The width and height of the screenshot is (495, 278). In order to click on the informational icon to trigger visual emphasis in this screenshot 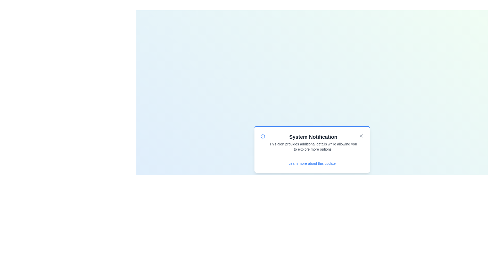, I will do `click(262, 136)`.